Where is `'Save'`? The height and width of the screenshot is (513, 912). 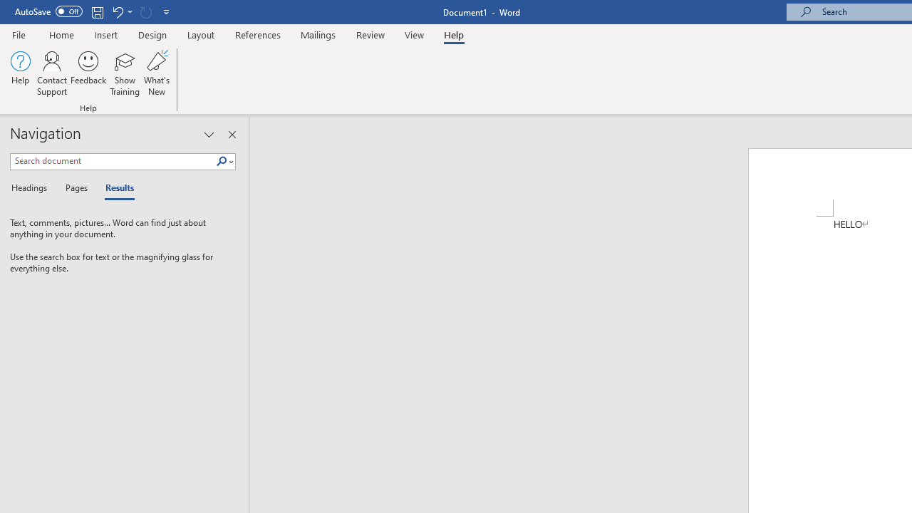
'Save' is located at coordinates (96, 11).